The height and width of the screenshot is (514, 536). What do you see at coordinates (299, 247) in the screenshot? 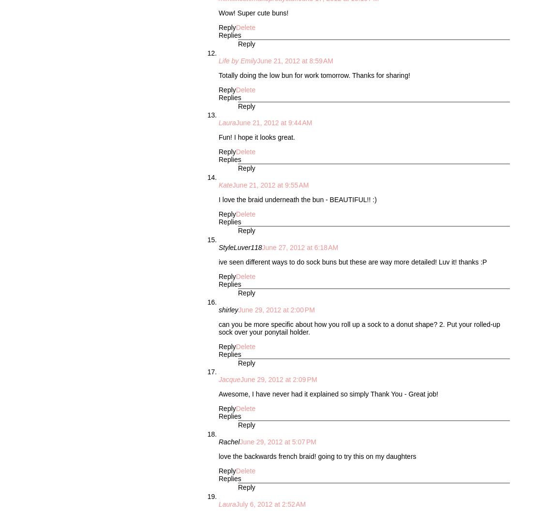
I see `'June 27, 2012 at 6:18 AM'` at bounding box center [299, 247].